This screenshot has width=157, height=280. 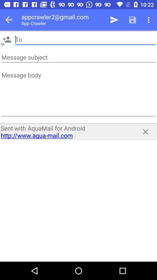 I want to click on the follow icon, so click(x=6, y=39).